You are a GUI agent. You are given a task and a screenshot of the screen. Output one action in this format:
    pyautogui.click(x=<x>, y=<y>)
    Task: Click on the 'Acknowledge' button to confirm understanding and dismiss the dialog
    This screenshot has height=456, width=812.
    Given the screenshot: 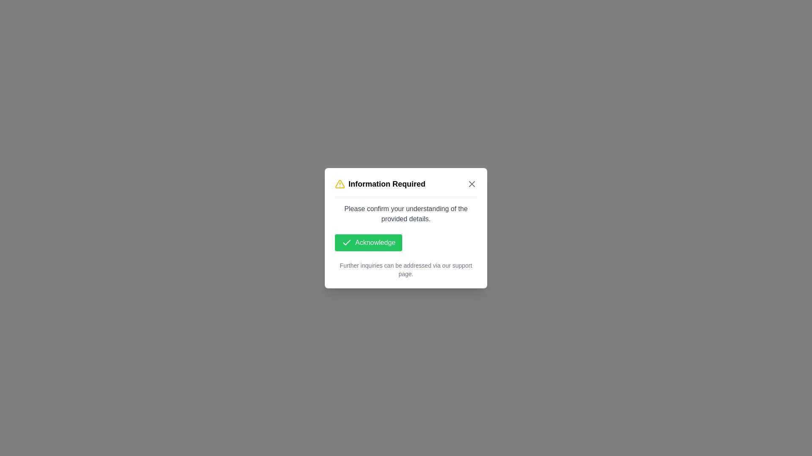 What is the action you would take?
    pyautogui.click(x=368, y=242)
    